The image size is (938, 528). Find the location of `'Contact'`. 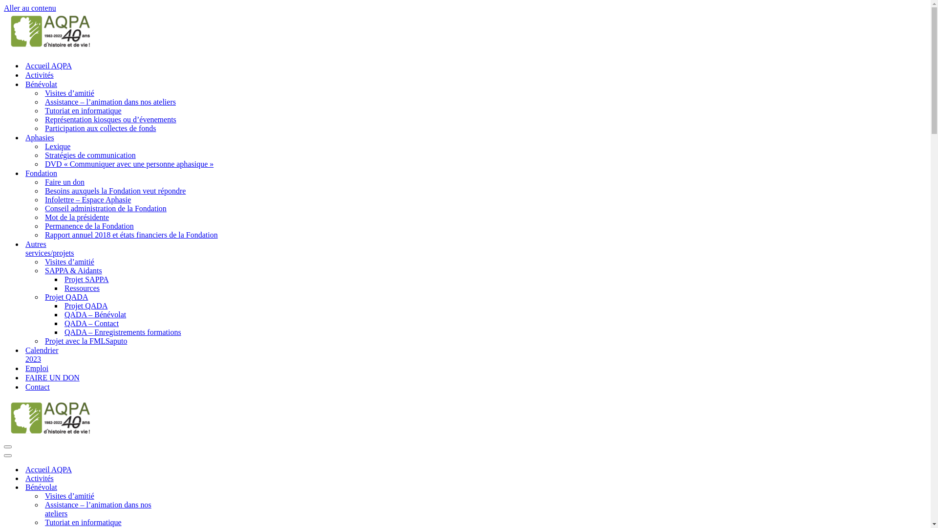

'Contact' is located at coordinates (37, 386).